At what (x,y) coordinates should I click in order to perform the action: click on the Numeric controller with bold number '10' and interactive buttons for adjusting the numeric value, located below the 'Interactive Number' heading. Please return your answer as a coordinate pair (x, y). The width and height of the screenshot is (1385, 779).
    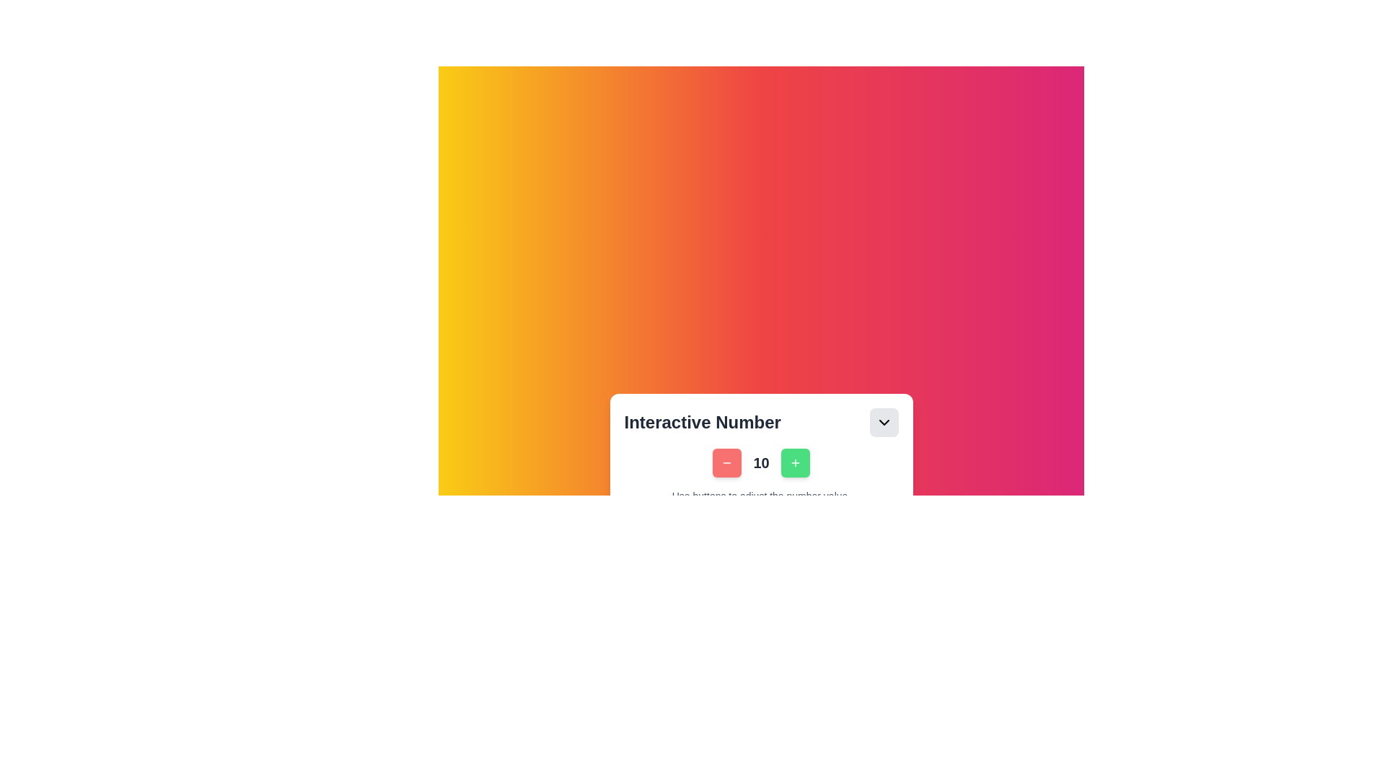
    Looking at the image, I should click on (760, 475).